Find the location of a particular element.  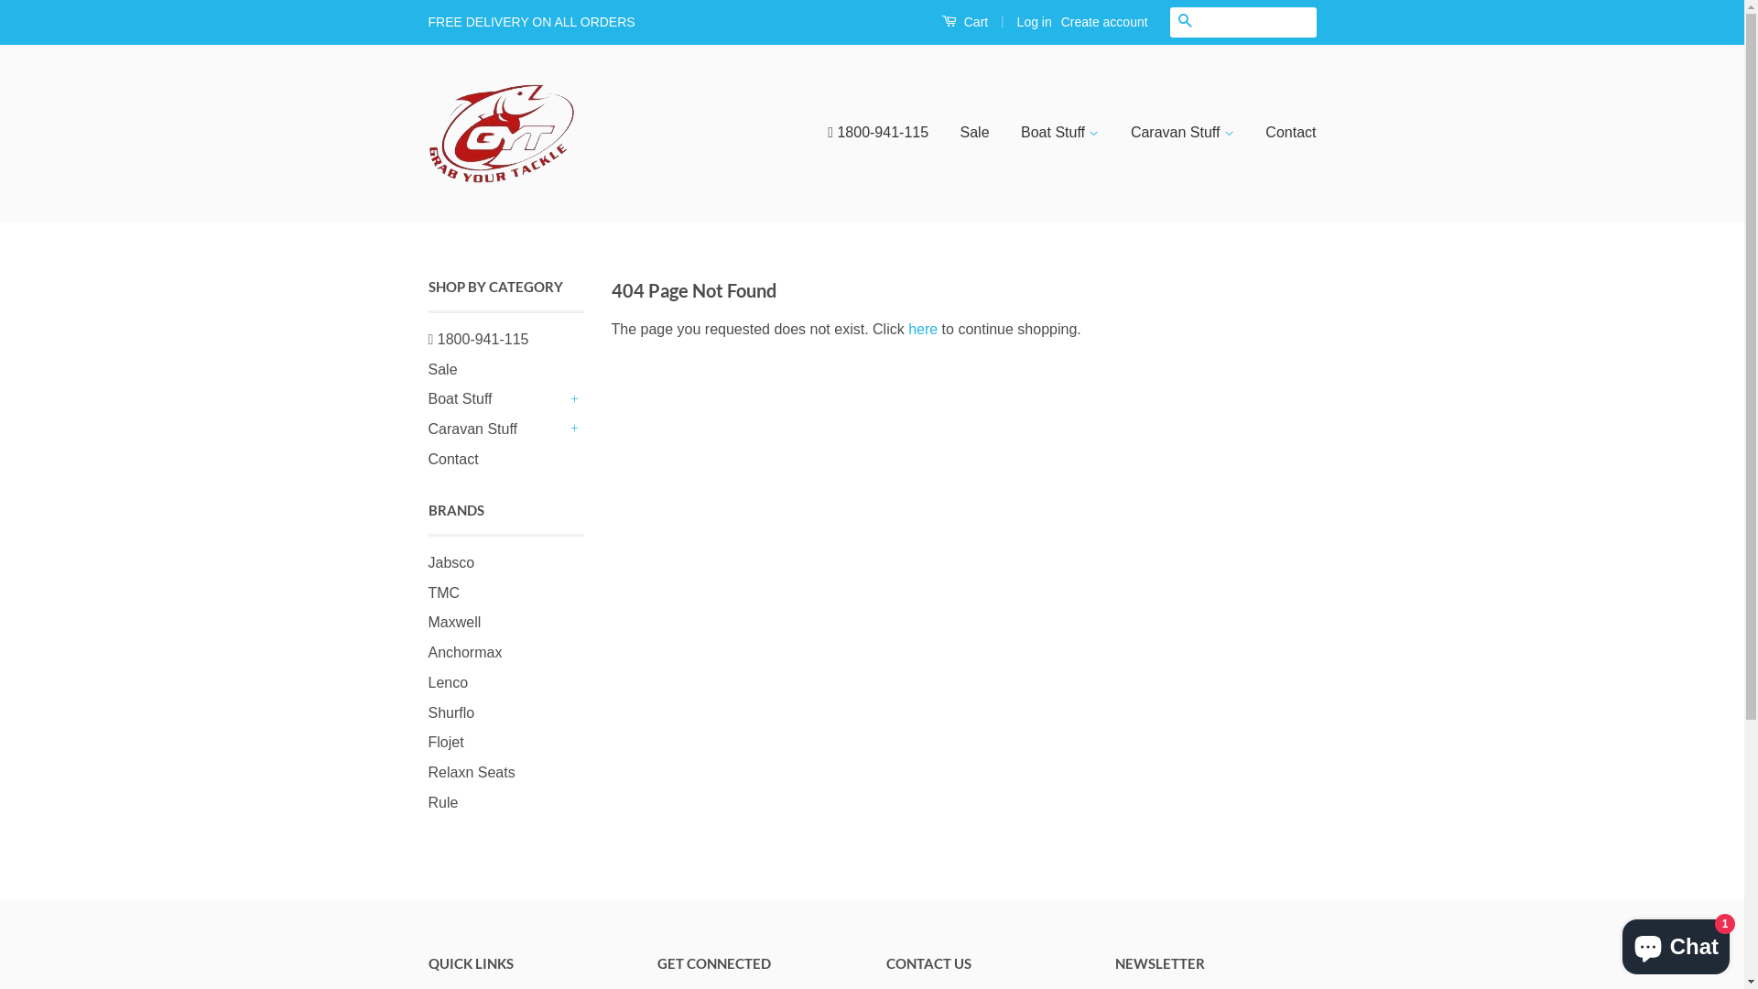

'Contact' is located at coordinates (1282, 132).